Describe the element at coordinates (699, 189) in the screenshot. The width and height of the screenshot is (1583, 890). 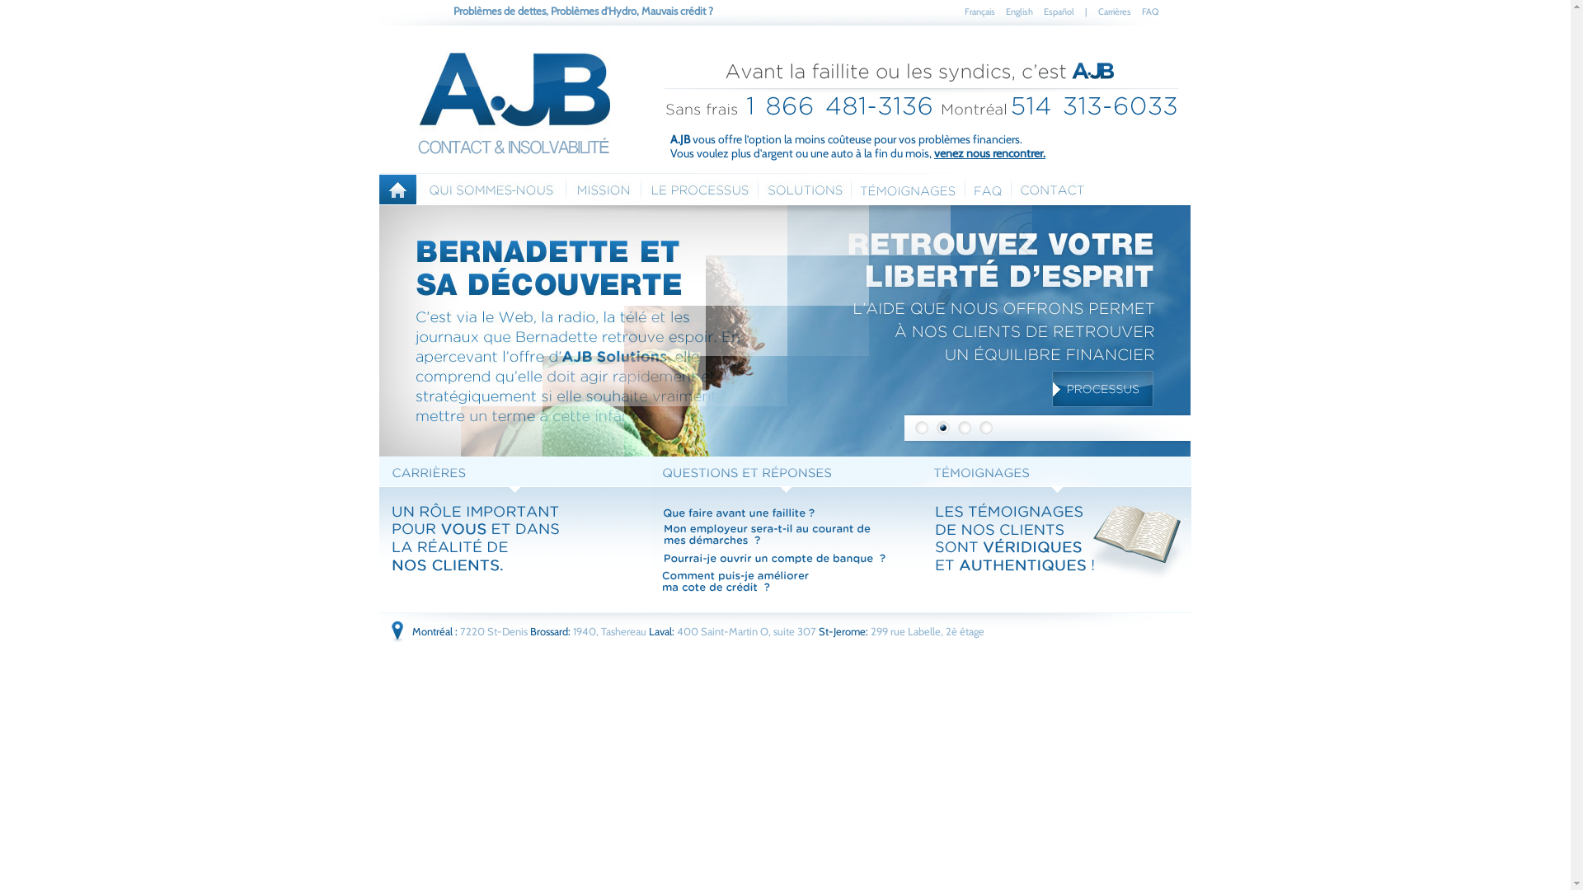
I see `'Le processus'` at that location.